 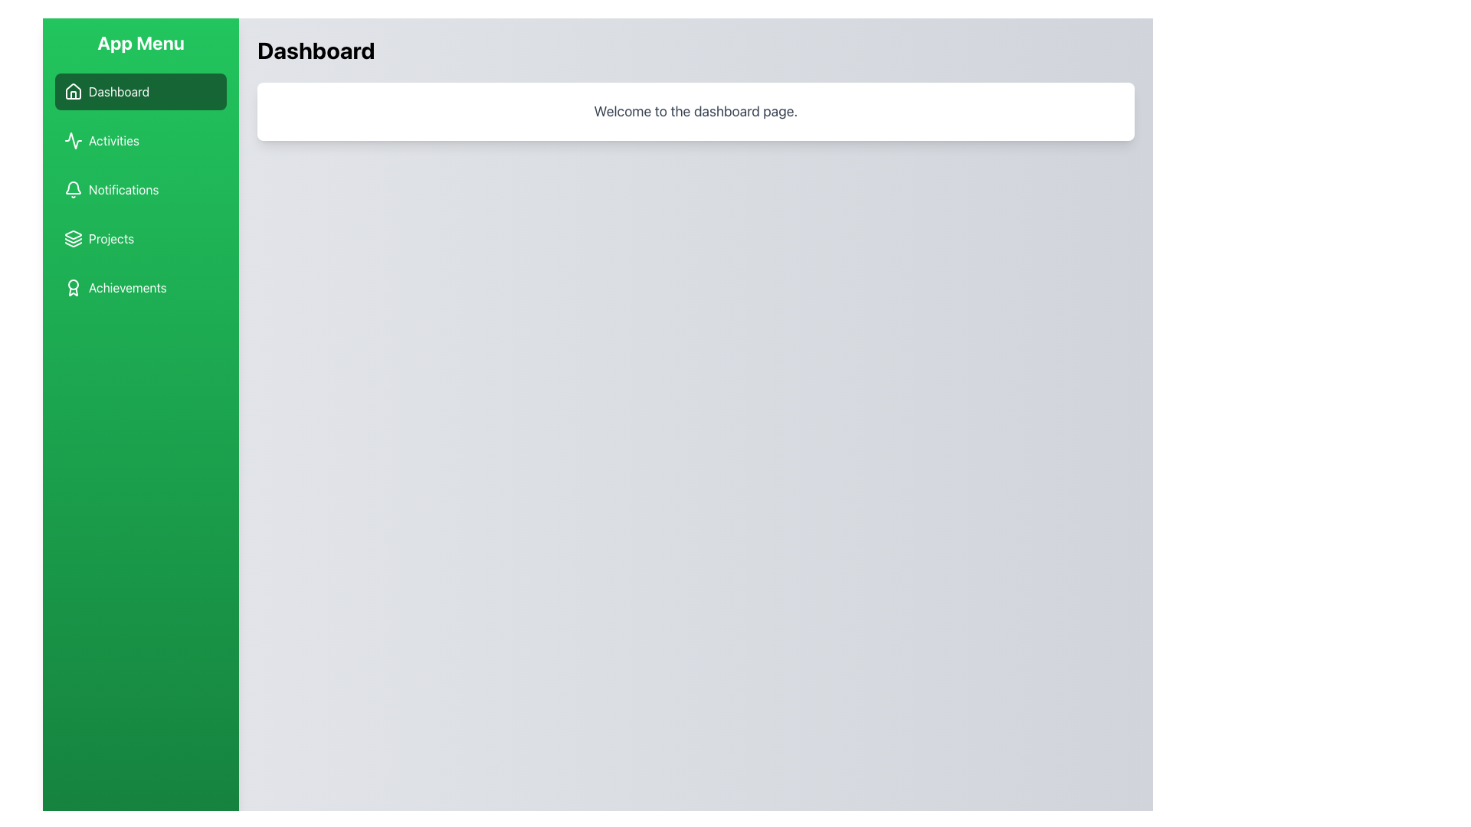 What do you see at coordinates (73, 188) in the screenshot?
I see `the bell icon on the green background in the sidebar menu` at bounding box center [73, 188].